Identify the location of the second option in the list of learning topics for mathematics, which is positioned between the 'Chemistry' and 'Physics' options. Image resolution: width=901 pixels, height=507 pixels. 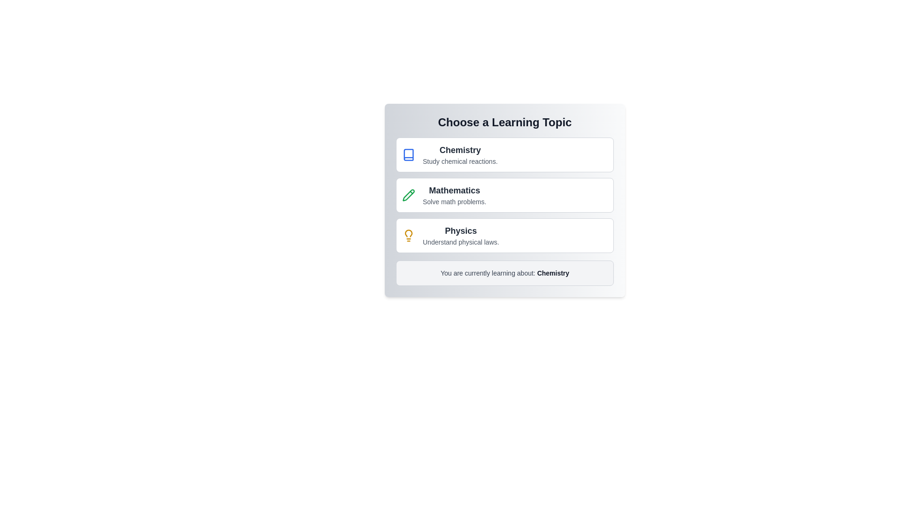
(454, 195).